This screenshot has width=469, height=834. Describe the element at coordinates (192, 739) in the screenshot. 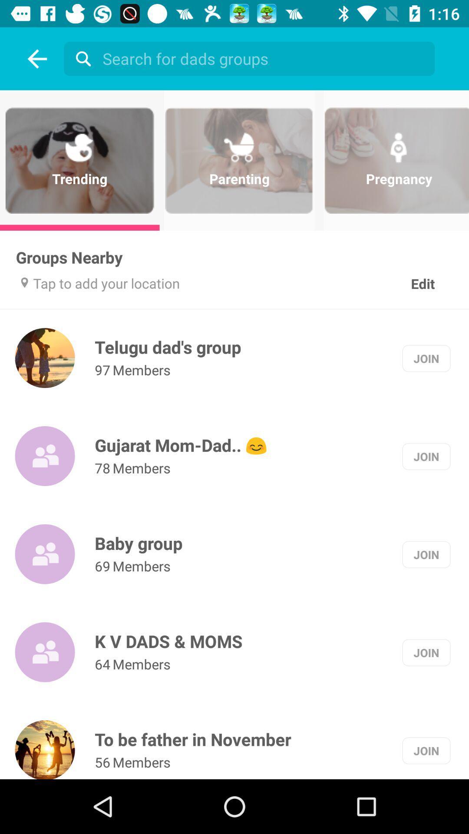

I see `the to be father item` at that location.